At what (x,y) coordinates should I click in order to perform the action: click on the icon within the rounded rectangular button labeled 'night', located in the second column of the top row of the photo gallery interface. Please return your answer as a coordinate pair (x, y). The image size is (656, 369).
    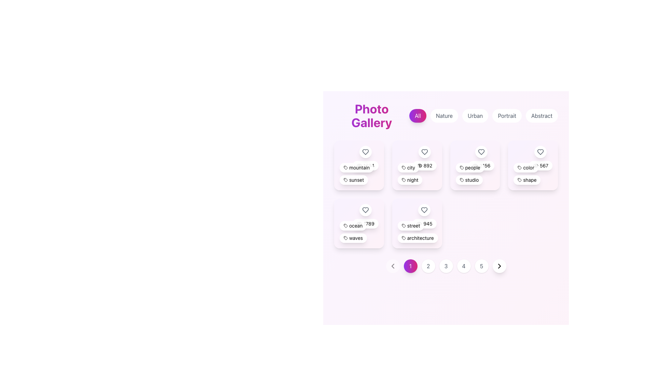
    Looking at the image, I should click on (404, 179).